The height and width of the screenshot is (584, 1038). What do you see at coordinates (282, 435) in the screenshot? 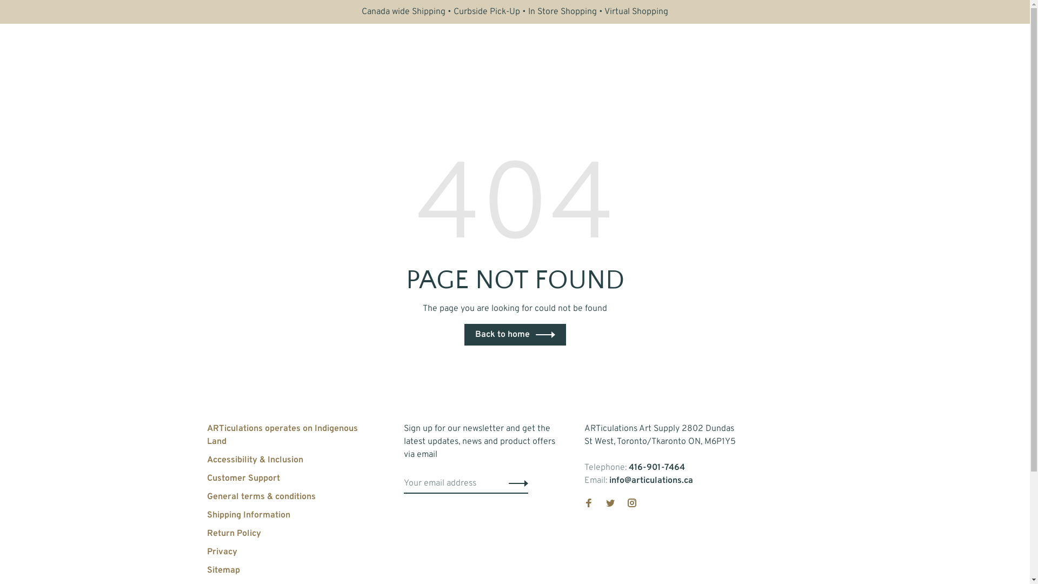
I see `'ARTiculations operates on Indigenous Land'` at bounding box center [282, 435].